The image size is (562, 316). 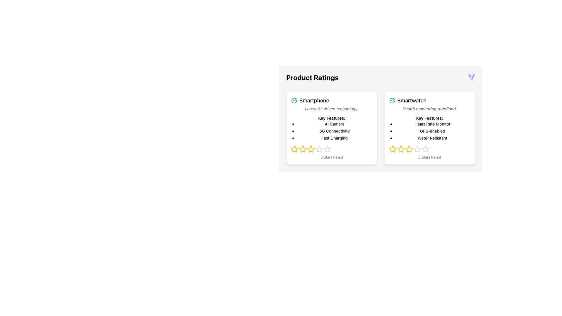 What do you see at coordinates (393, 149) in the screenshot?
I see `the third star-shaped Rating Star Icon in yellow under the 'Smartwatch' product card for visual feedback of the current rating` at bounding box center [393, 149].